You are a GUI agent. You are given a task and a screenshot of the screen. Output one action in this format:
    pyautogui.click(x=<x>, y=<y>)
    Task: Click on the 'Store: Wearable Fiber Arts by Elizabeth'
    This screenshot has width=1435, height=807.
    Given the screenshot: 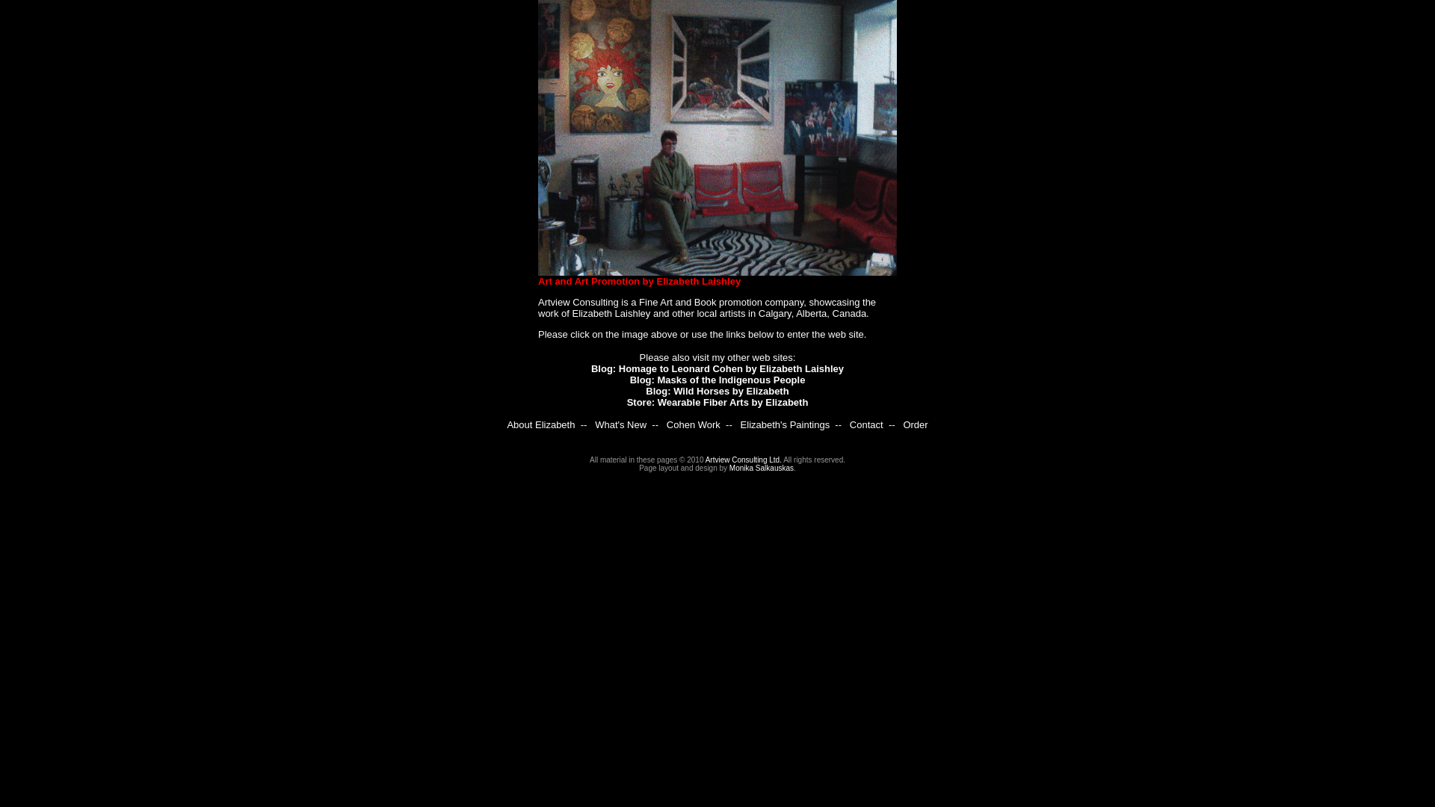 What is the action you would take?
    pyautogui.click(x=717, y=401)
    